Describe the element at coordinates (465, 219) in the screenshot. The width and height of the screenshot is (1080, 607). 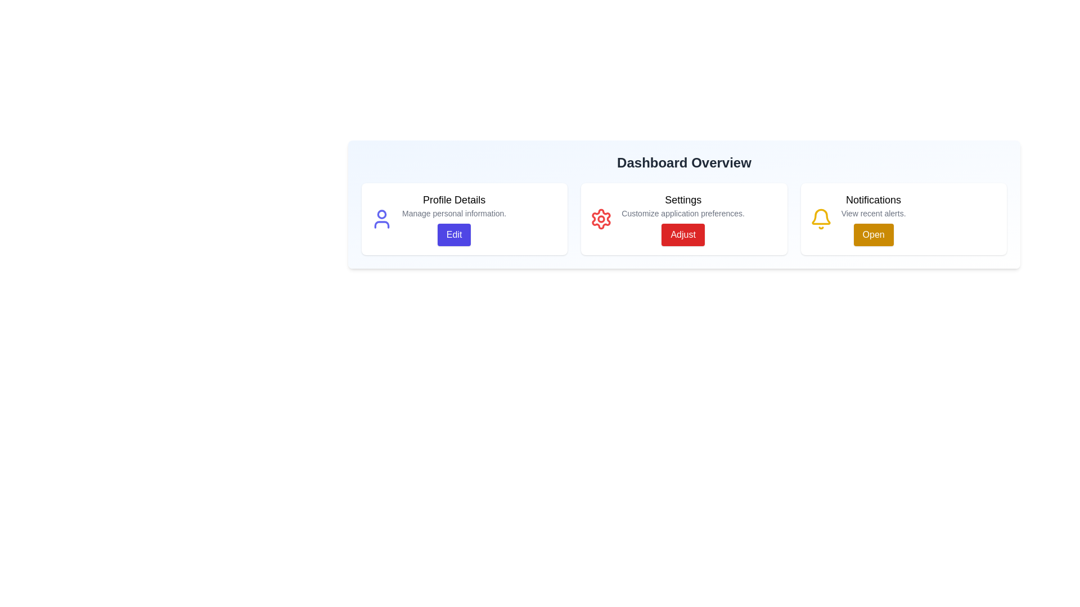
I see `the user's profile settings panel, which is represented by the leftmost composite interactive card in a grid layout below the 'Dashboard Overview' heading` at that location.